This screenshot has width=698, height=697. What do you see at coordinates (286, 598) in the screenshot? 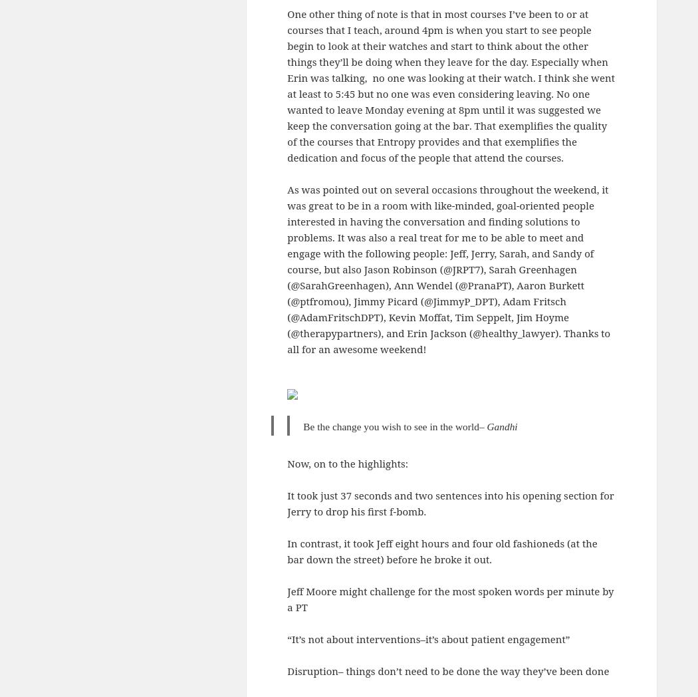
I see `'Jeff Moore might challenge for the most spoken words per minute by a PT'` at bounding box center [286, 598].